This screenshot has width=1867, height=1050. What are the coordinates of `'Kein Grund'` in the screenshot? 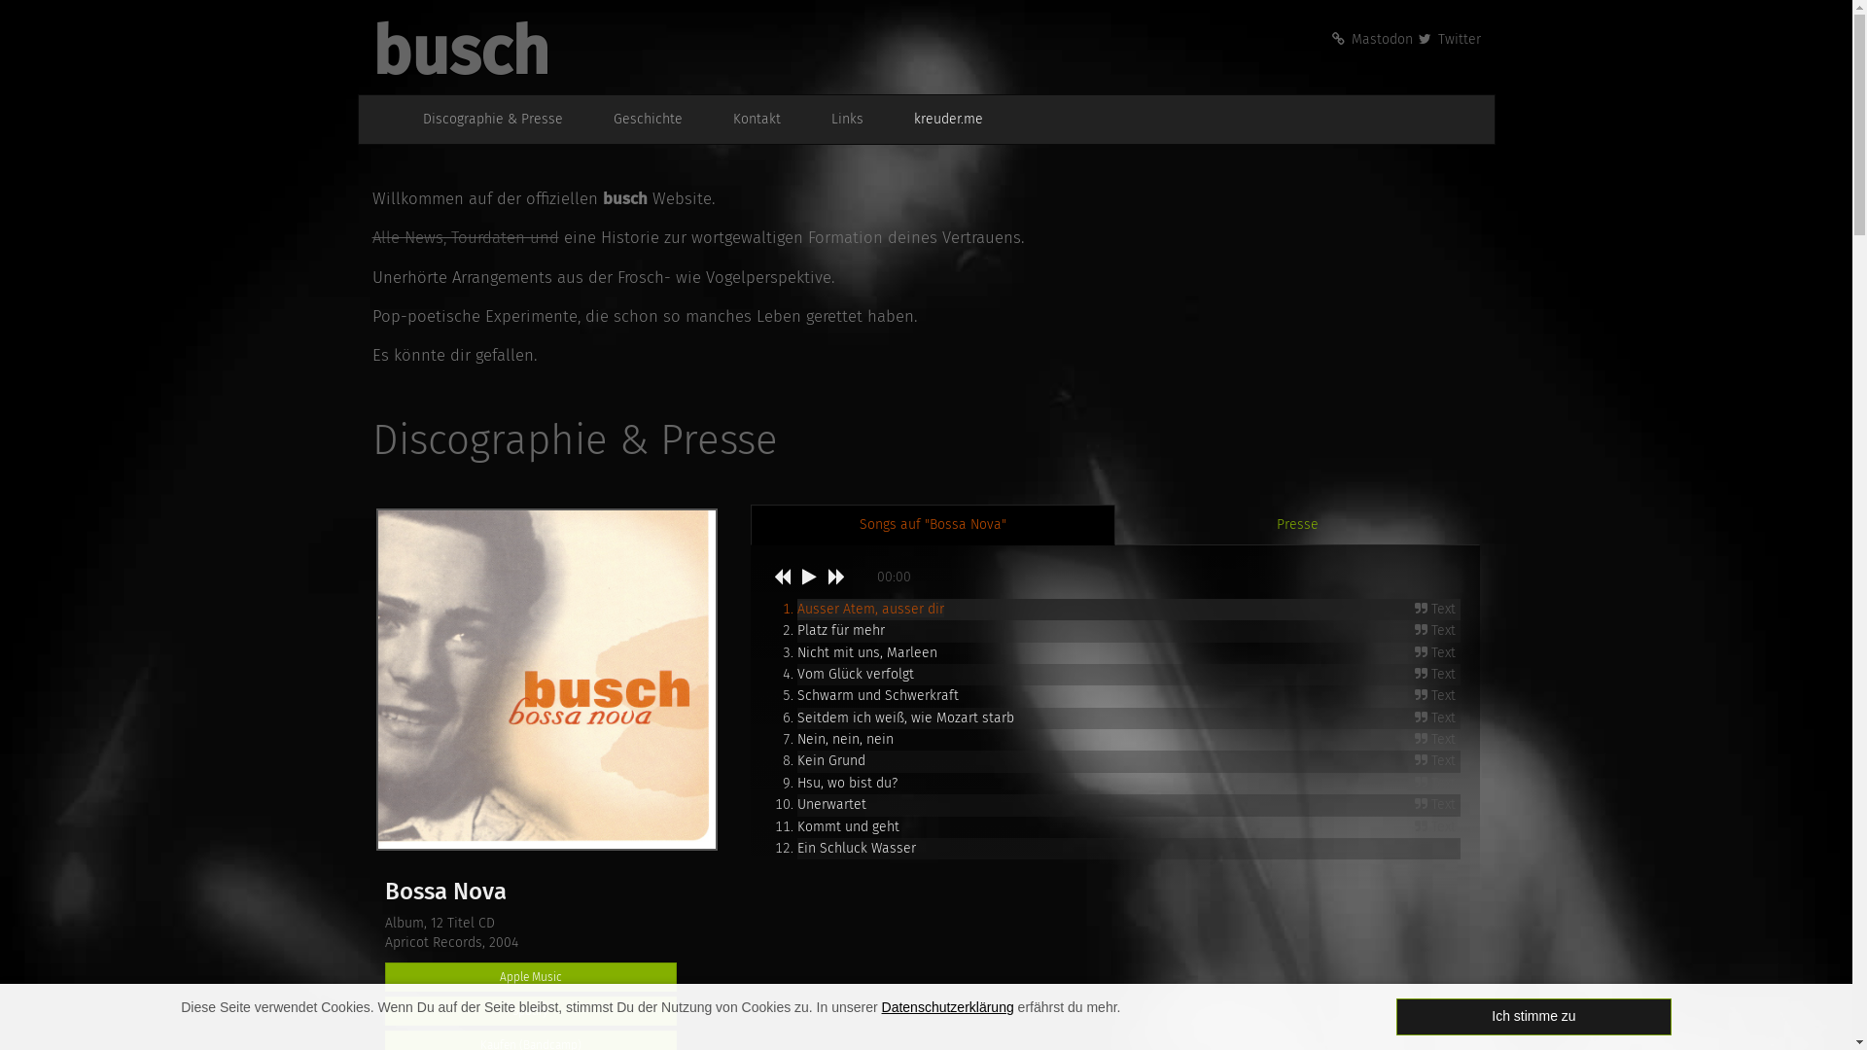 It's located at (797, 759).